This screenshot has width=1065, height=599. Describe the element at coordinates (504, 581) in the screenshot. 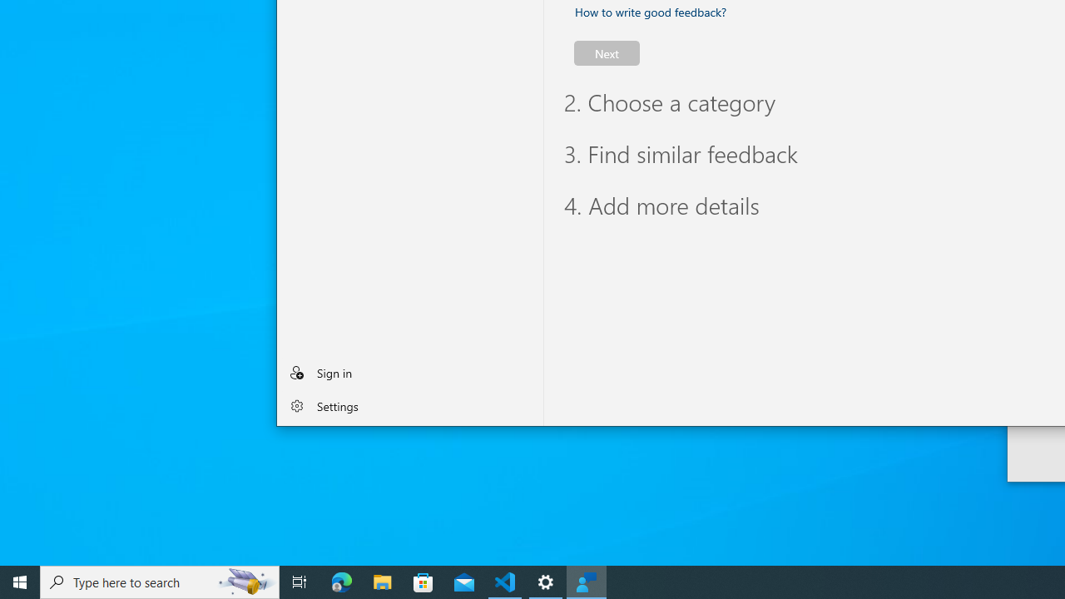

I see `'Visual Studio Code - 1 running window'` at that location.